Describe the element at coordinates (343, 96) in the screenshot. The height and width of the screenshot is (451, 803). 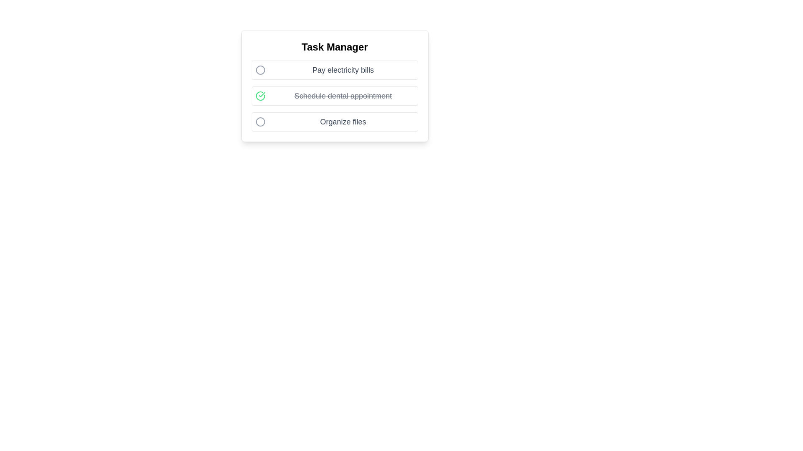
I see `the text label displaying 'Schedule dental appointment' in the Task Manager list, which indicates a completed task` at that location.